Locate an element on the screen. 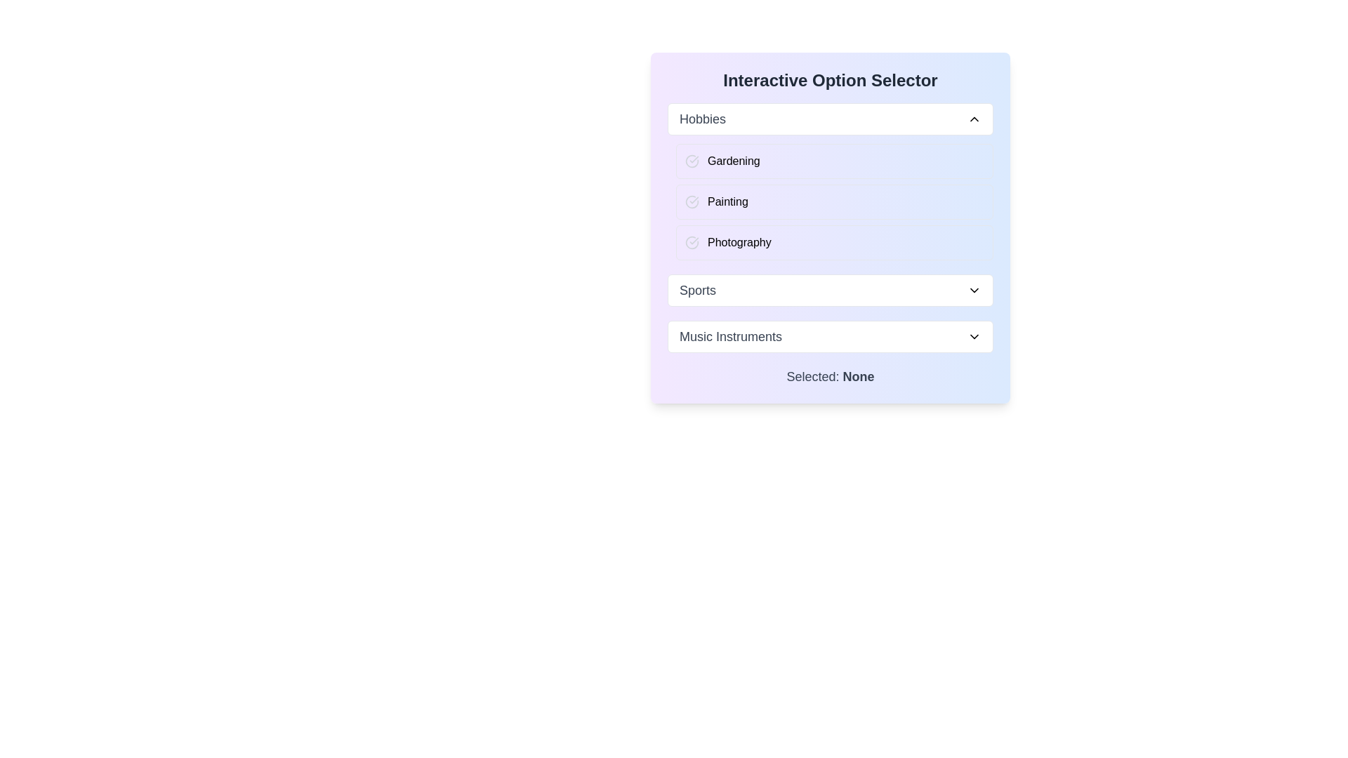 The height and width of the screenshot is (758, 1348). the circular gray icon with a checkmark inside that indicates the selection state for 'Painting' in the Hobbies list is located at coordinates (692, 202).